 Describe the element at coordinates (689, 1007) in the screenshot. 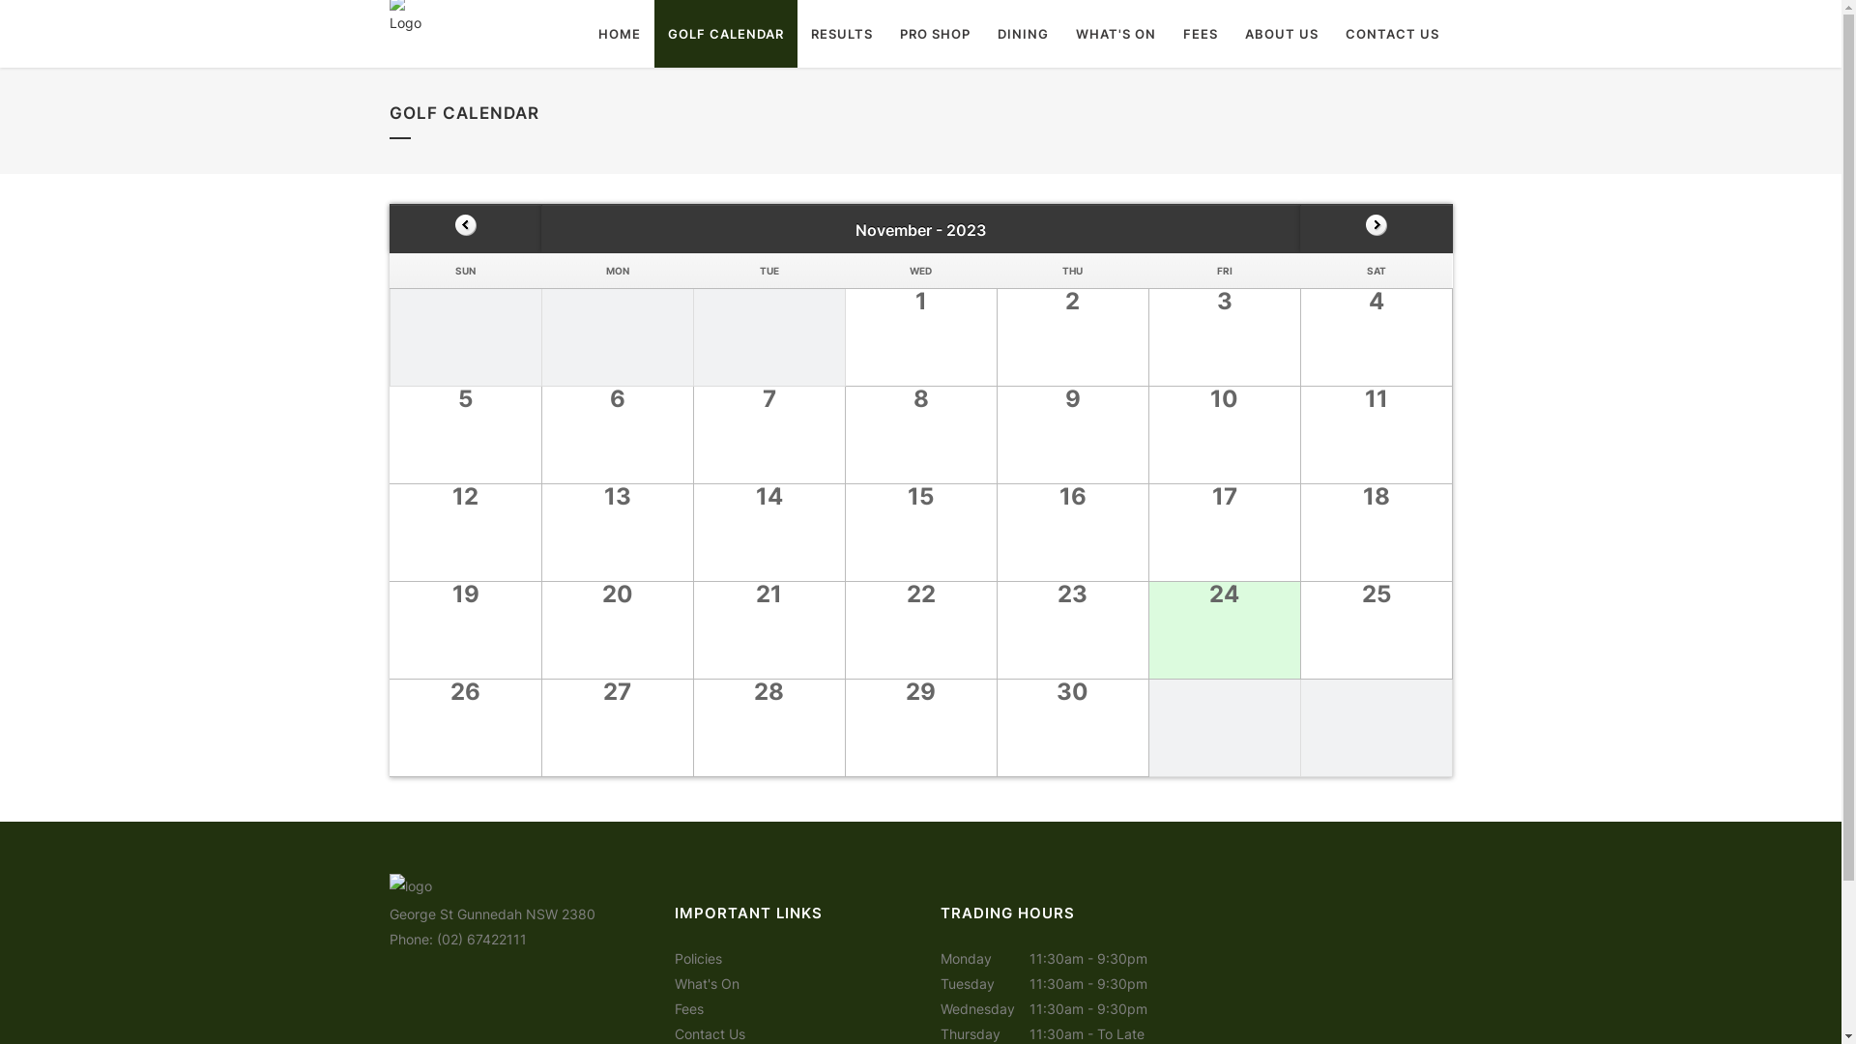

I see `'Fees'` at that location.